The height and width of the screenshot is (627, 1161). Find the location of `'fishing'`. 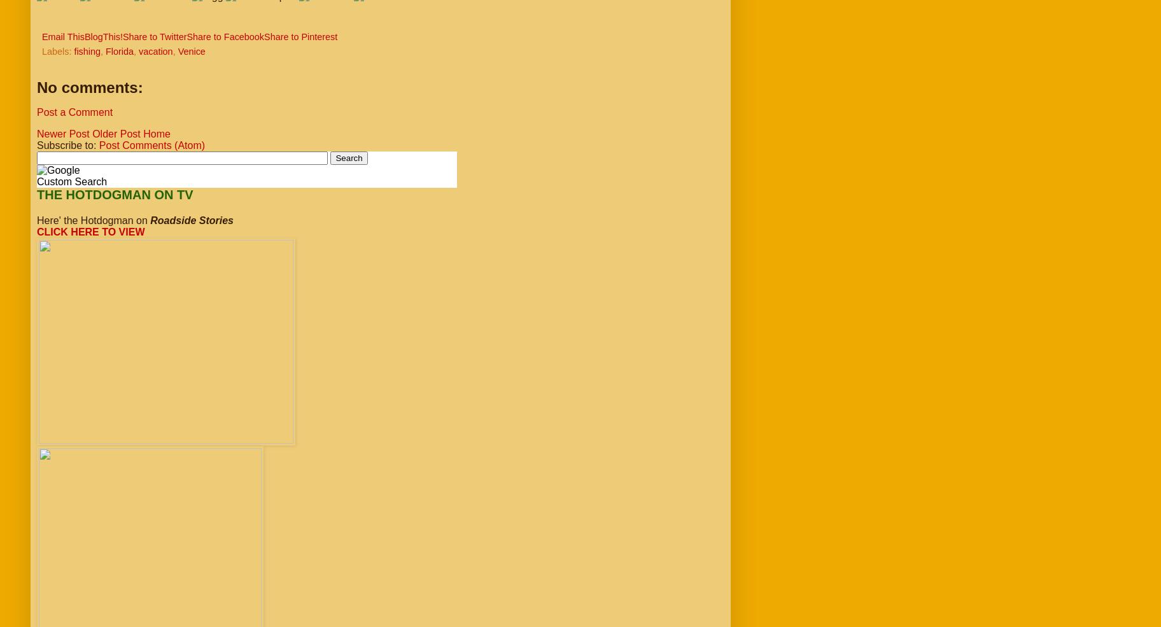

'fishing' is located at coordinates (86, 50).